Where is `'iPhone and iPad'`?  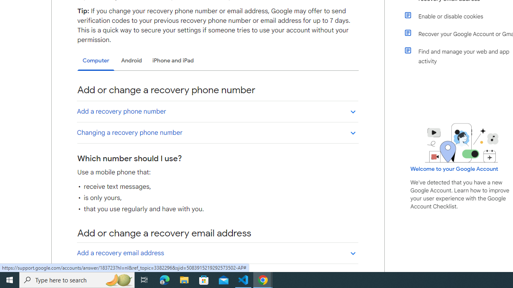 'iPhone and iPad' is located at coordinates (173, 60).